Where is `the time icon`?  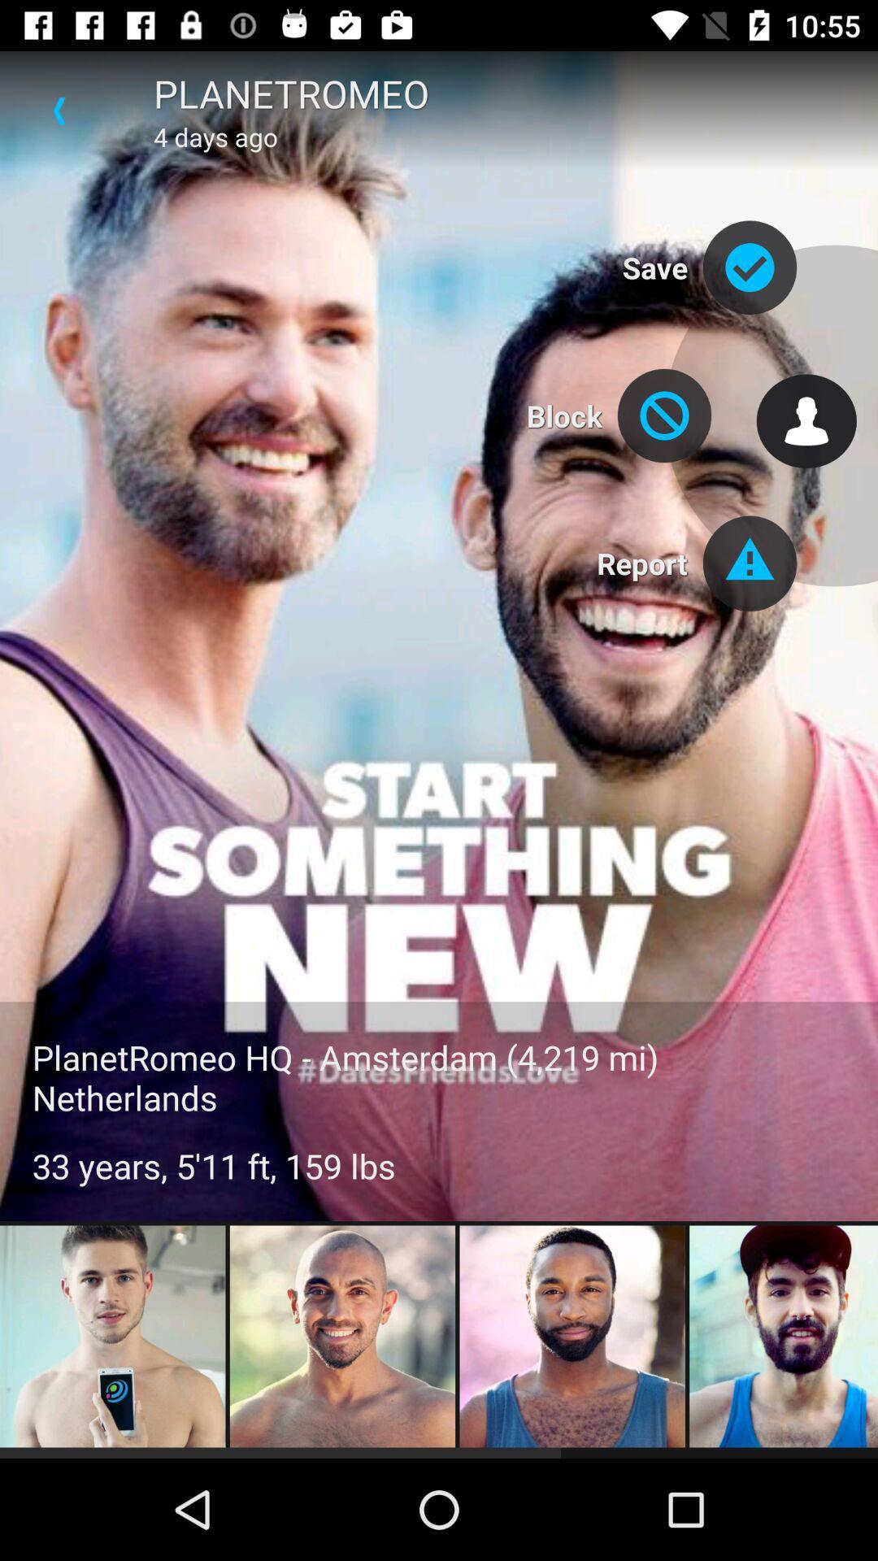 the time icon is located at coordinates (664, 415).